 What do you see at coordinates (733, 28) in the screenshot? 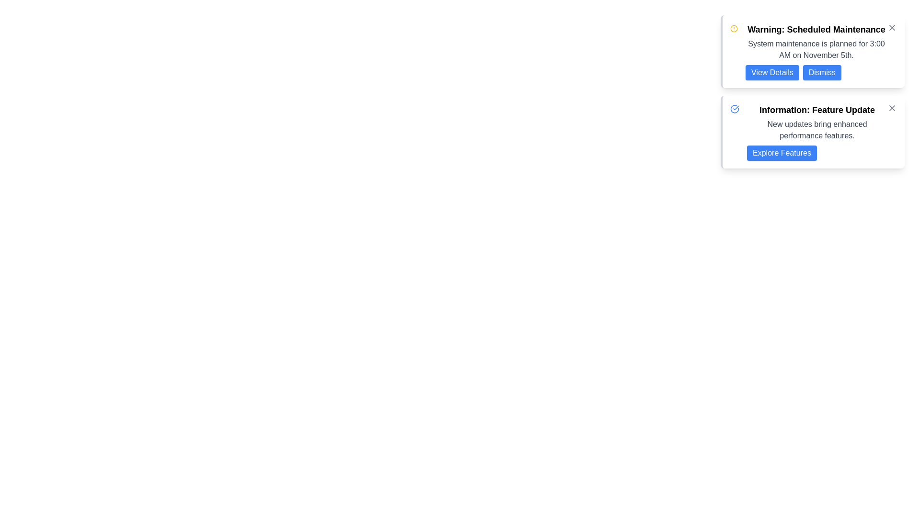
I see `the warning icon located at the top-left corner of the notification card titled 'Warning: Scheduled Maintenance', which is positioned to the left of the text within the card` at bounding box center [733, 28].